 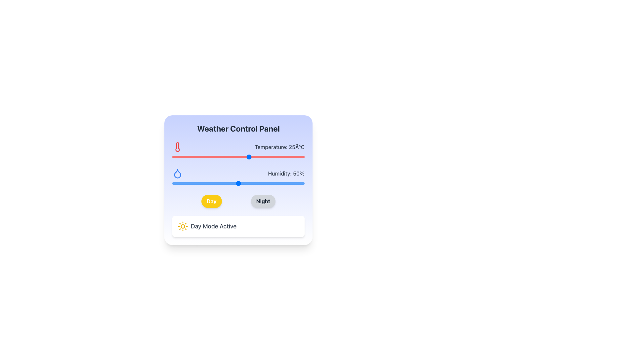 I want to click on the handle of the horizontal Range Slider located below the 'Humidity: 50%' text, so click(x=238, y=183).